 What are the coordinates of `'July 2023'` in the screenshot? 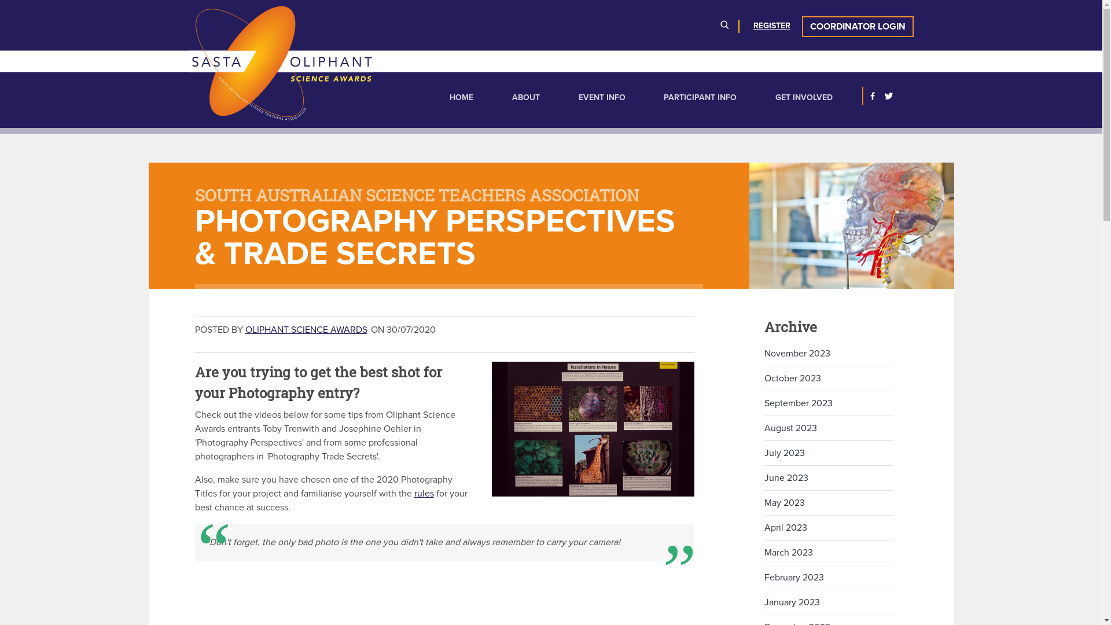 It's located at (764, 453).